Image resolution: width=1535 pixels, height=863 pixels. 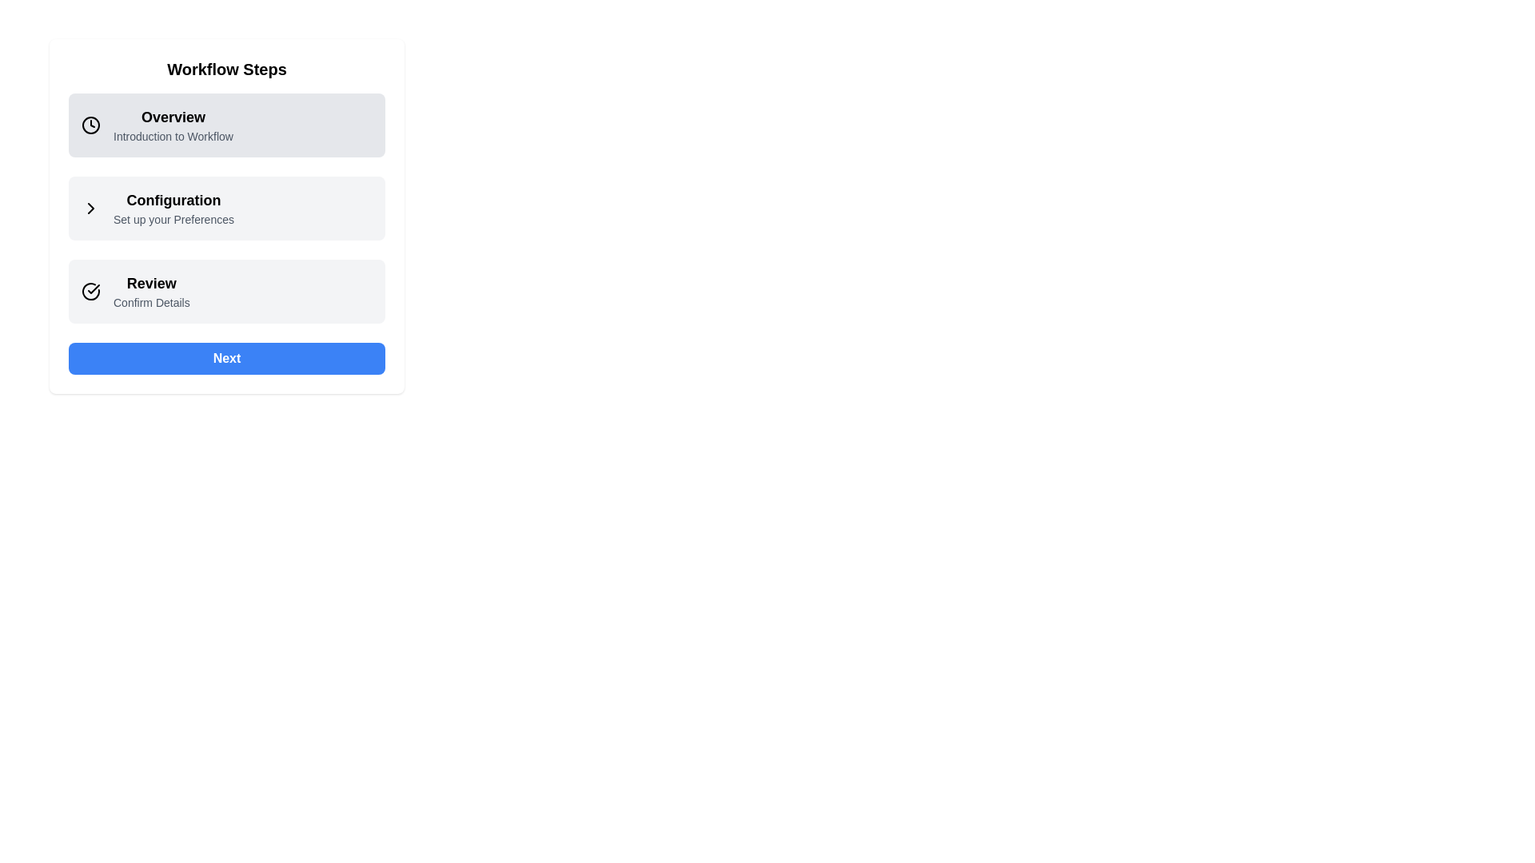 What do you see at coordinates (90, 208) in the screenshot?
I see `the rightward-pointing arrow icon indicating the active 'Configuration' step in the workflow navigation` at bounding box center [90, 208].